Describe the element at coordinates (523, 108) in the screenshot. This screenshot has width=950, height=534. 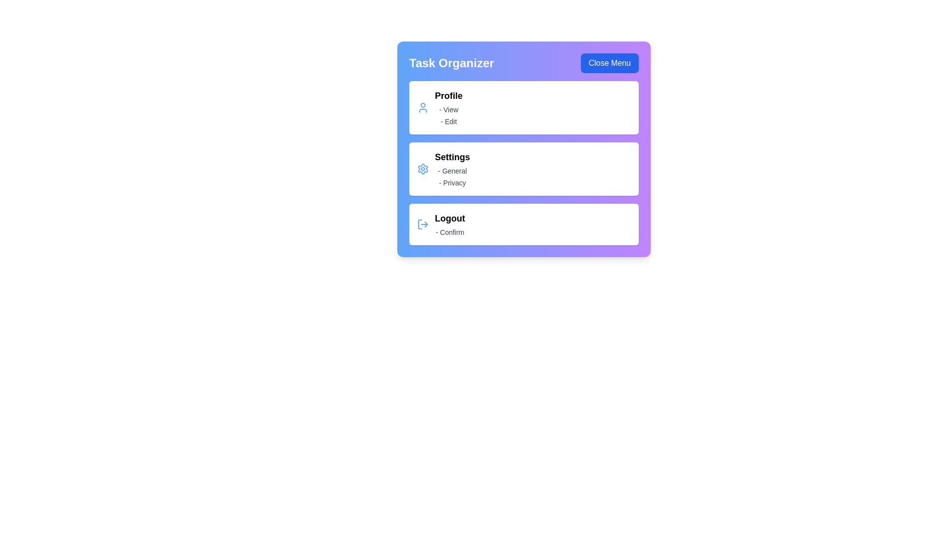
I see `the menu item Profile by clicking on it` at that location.